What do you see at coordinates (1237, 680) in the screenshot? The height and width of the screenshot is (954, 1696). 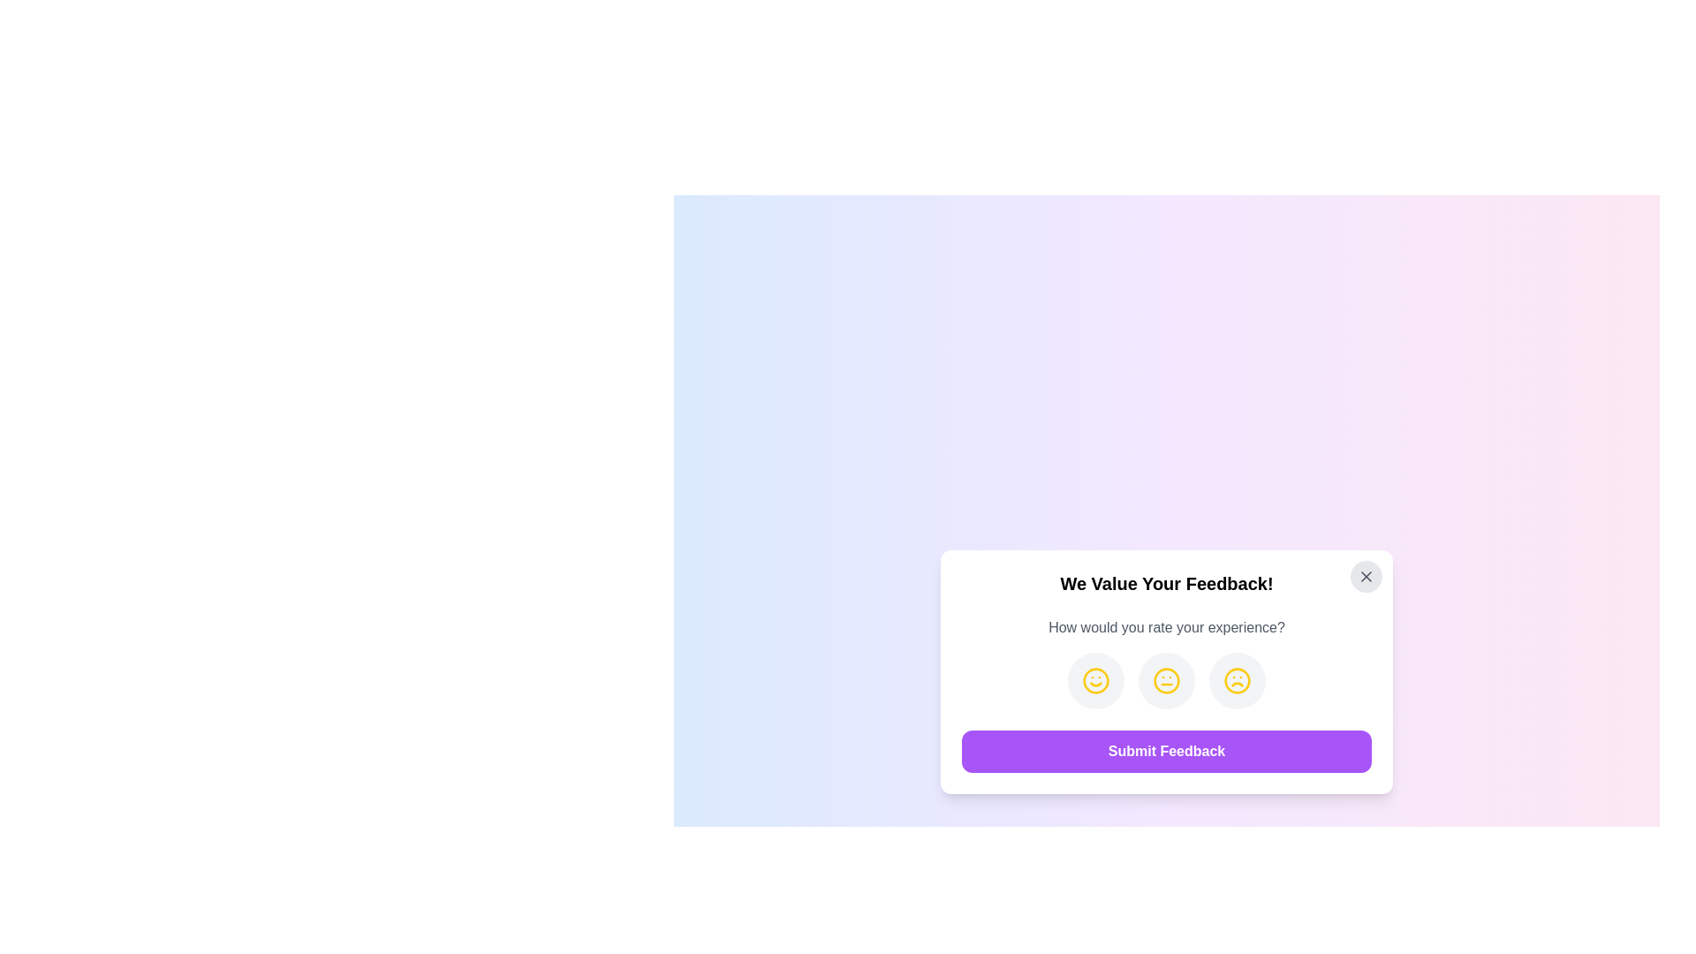 I see `the yellow circular icon with a frowning face, which is the third icon in a horizontal row depicting facial expressions` at bounding box center [1237, 680].